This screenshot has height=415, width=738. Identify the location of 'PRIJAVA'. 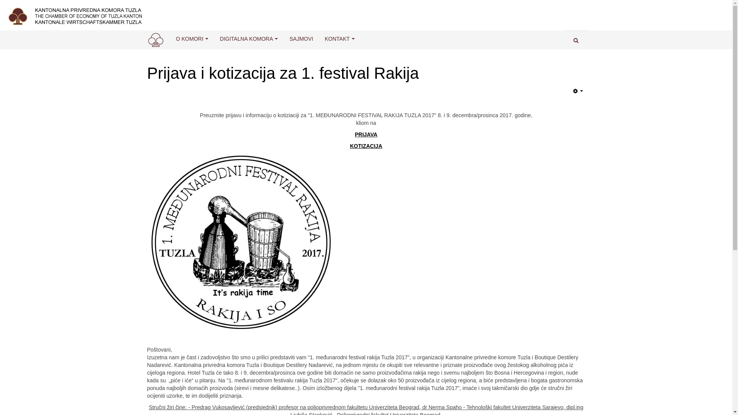
(366, 134).